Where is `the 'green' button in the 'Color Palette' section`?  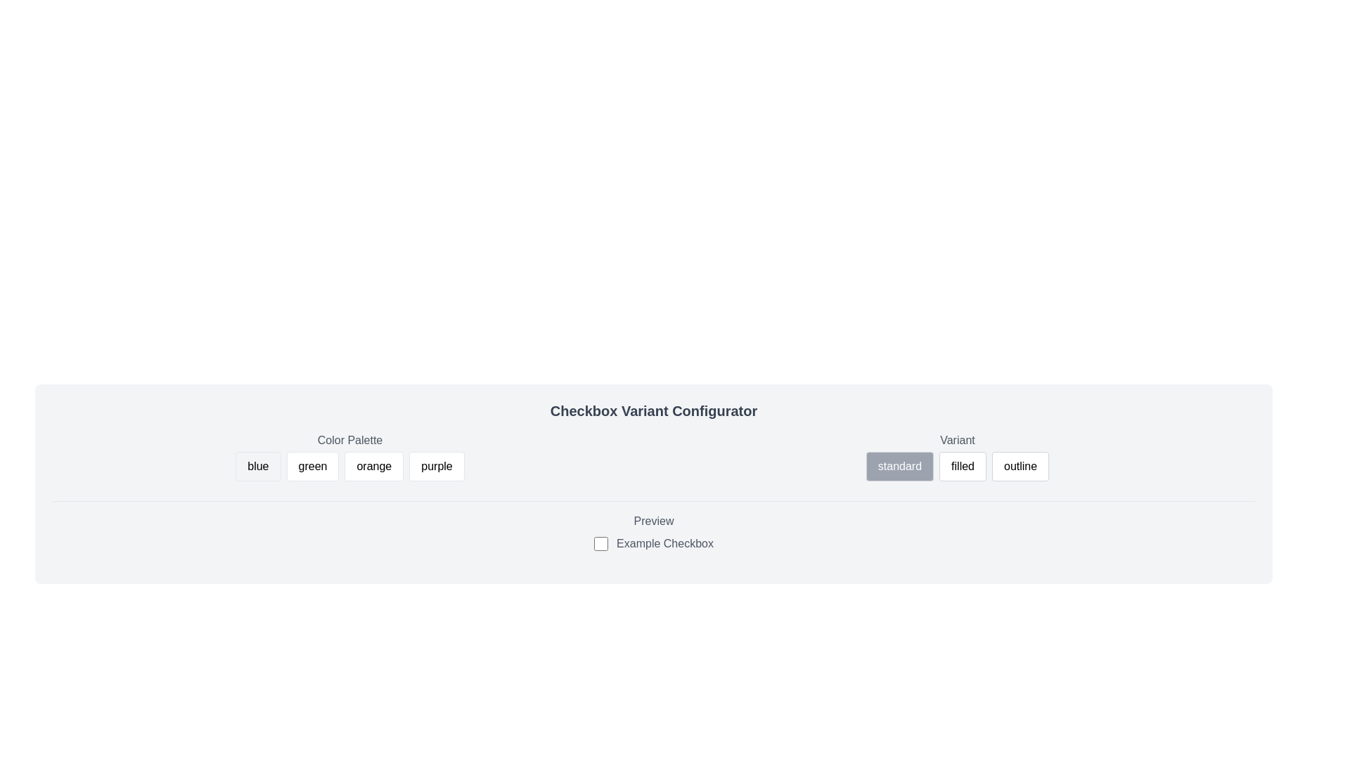 the 'green' button in the 'Color Palette' section is located at coordinates (311, 466).